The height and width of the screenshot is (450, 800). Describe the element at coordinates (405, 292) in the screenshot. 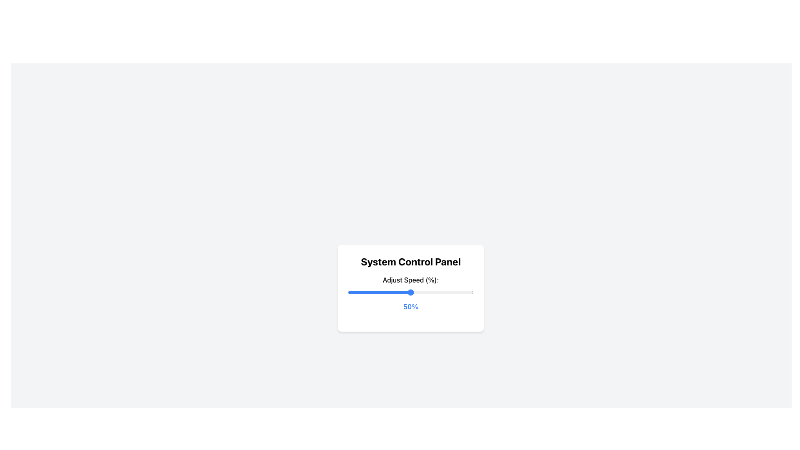

I see `the speed adjustment slider` at that location.